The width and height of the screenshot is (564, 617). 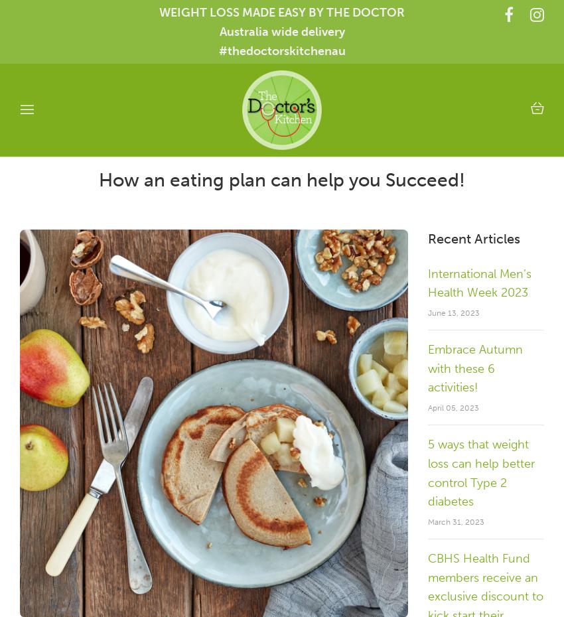 I want to click on 'Recent Articles', so click(x=473, y=237).